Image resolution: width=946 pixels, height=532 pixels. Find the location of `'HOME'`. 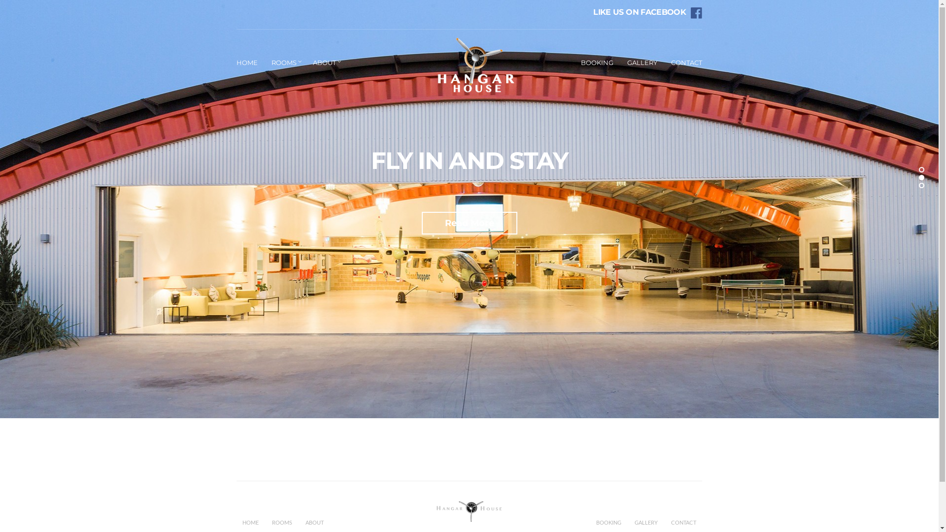

'HOME' is located at coordinates (250, 523).